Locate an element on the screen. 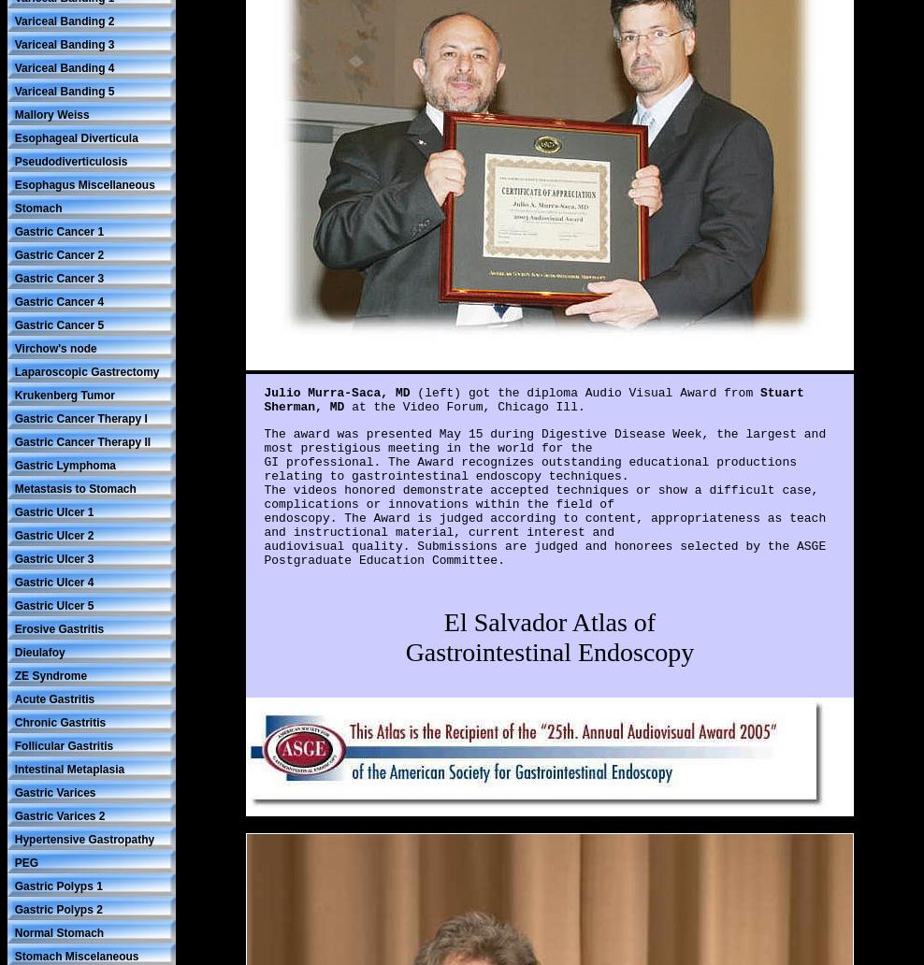 This screenshot has width=924, height=965. 'Krukenberg Tumor' is located at coordinates (13, 393).